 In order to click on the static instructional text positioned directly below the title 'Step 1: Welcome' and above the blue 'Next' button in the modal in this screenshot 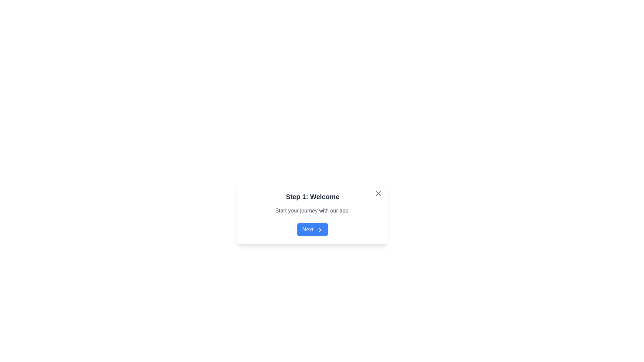, I will do `click(312, 210)`.